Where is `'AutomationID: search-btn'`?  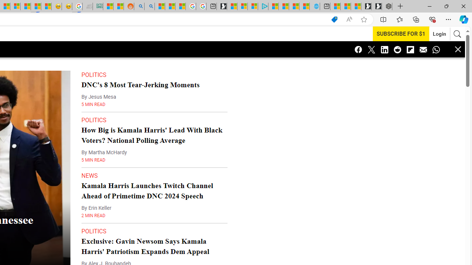 'AutomationID: search-btn' is located at coordinates (452, 34).